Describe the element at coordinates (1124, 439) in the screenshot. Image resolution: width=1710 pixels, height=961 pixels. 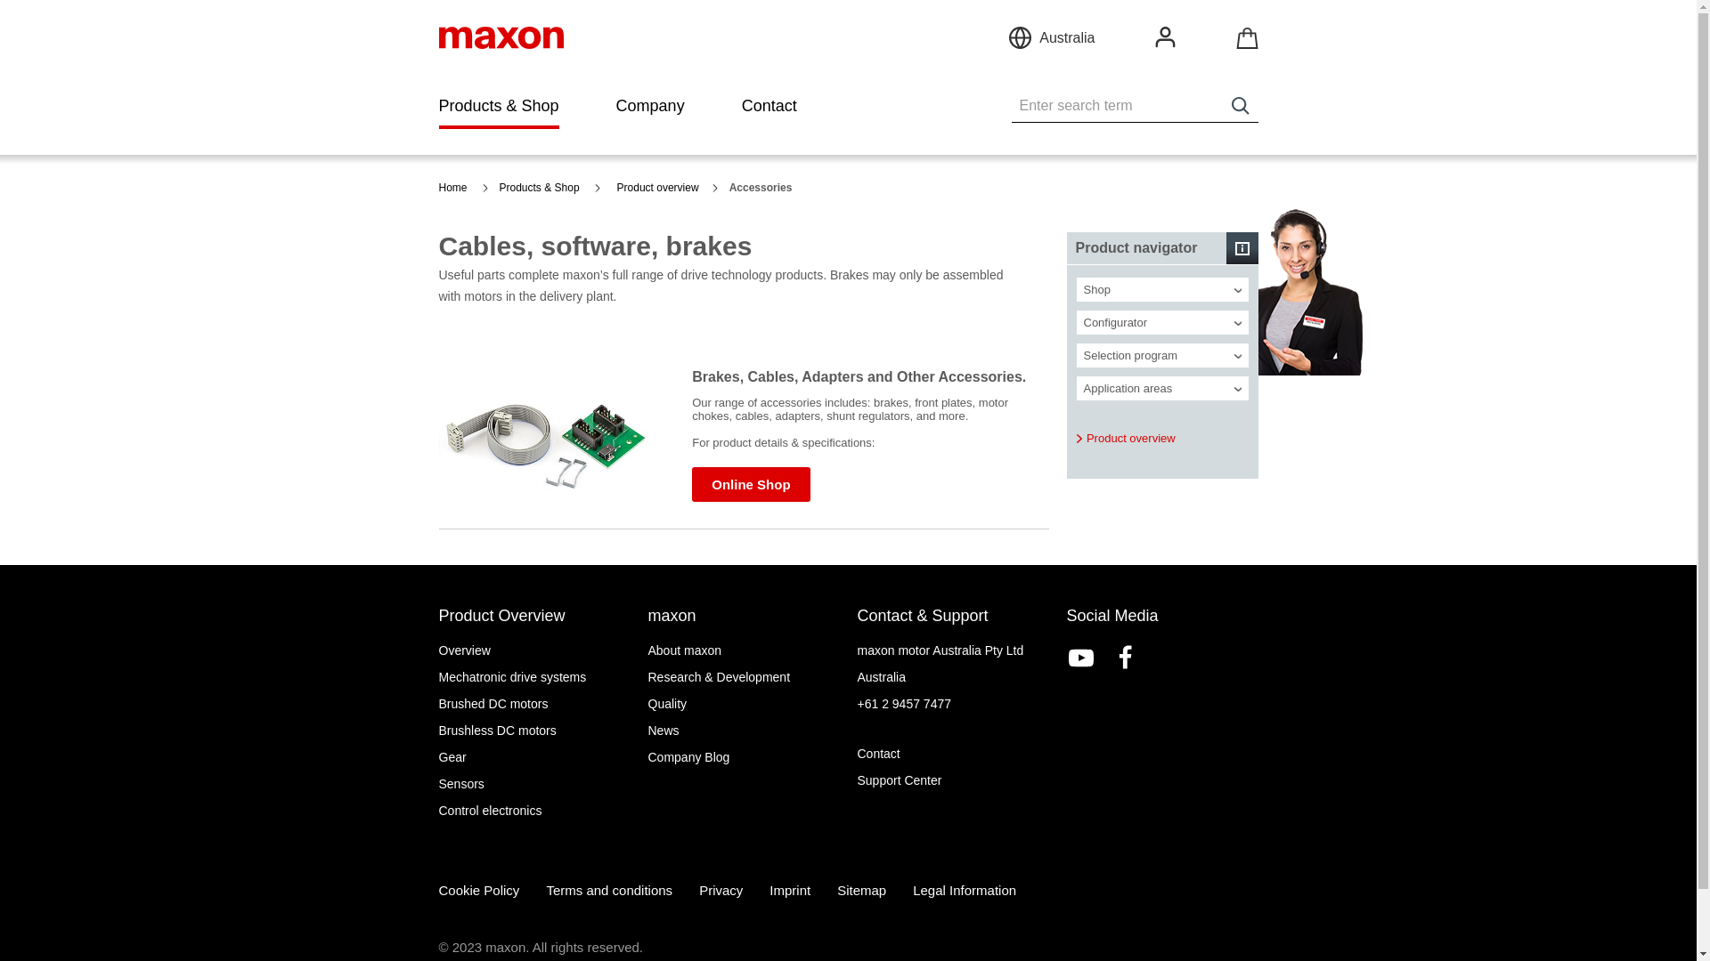
I see `'Product overview'` at that location.